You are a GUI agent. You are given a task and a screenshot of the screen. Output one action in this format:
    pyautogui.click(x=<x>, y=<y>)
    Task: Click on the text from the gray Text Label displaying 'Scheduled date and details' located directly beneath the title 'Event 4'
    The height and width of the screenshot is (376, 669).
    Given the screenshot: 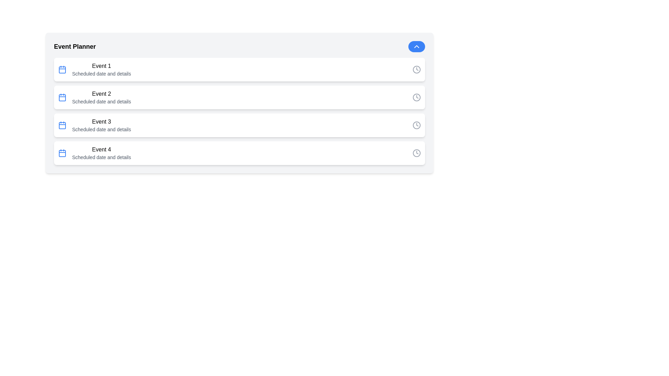 What is the action you would take?
    pyautogui.click(x=101, y=157)
    